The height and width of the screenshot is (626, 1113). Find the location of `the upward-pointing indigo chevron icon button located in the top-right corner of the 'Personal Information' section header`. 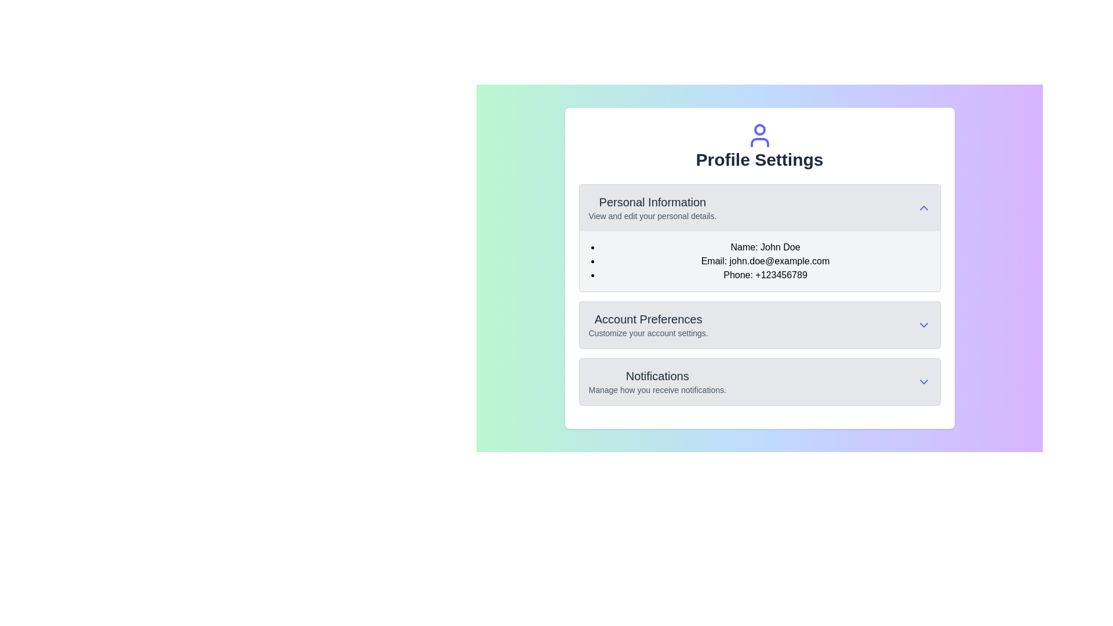

the upward-pointing indigo chevron icon button located in the top-right corner of the 'Personal Information' section header is located at coordinates (923, 207).